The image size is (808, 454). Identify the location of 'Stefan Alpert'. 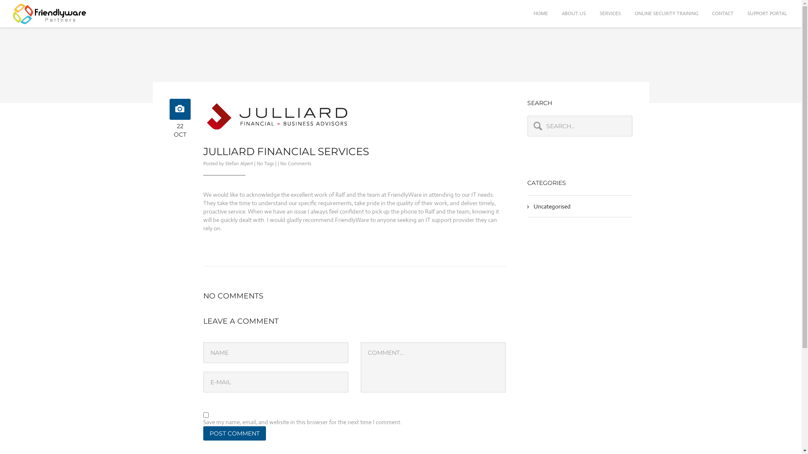
(224, 164).